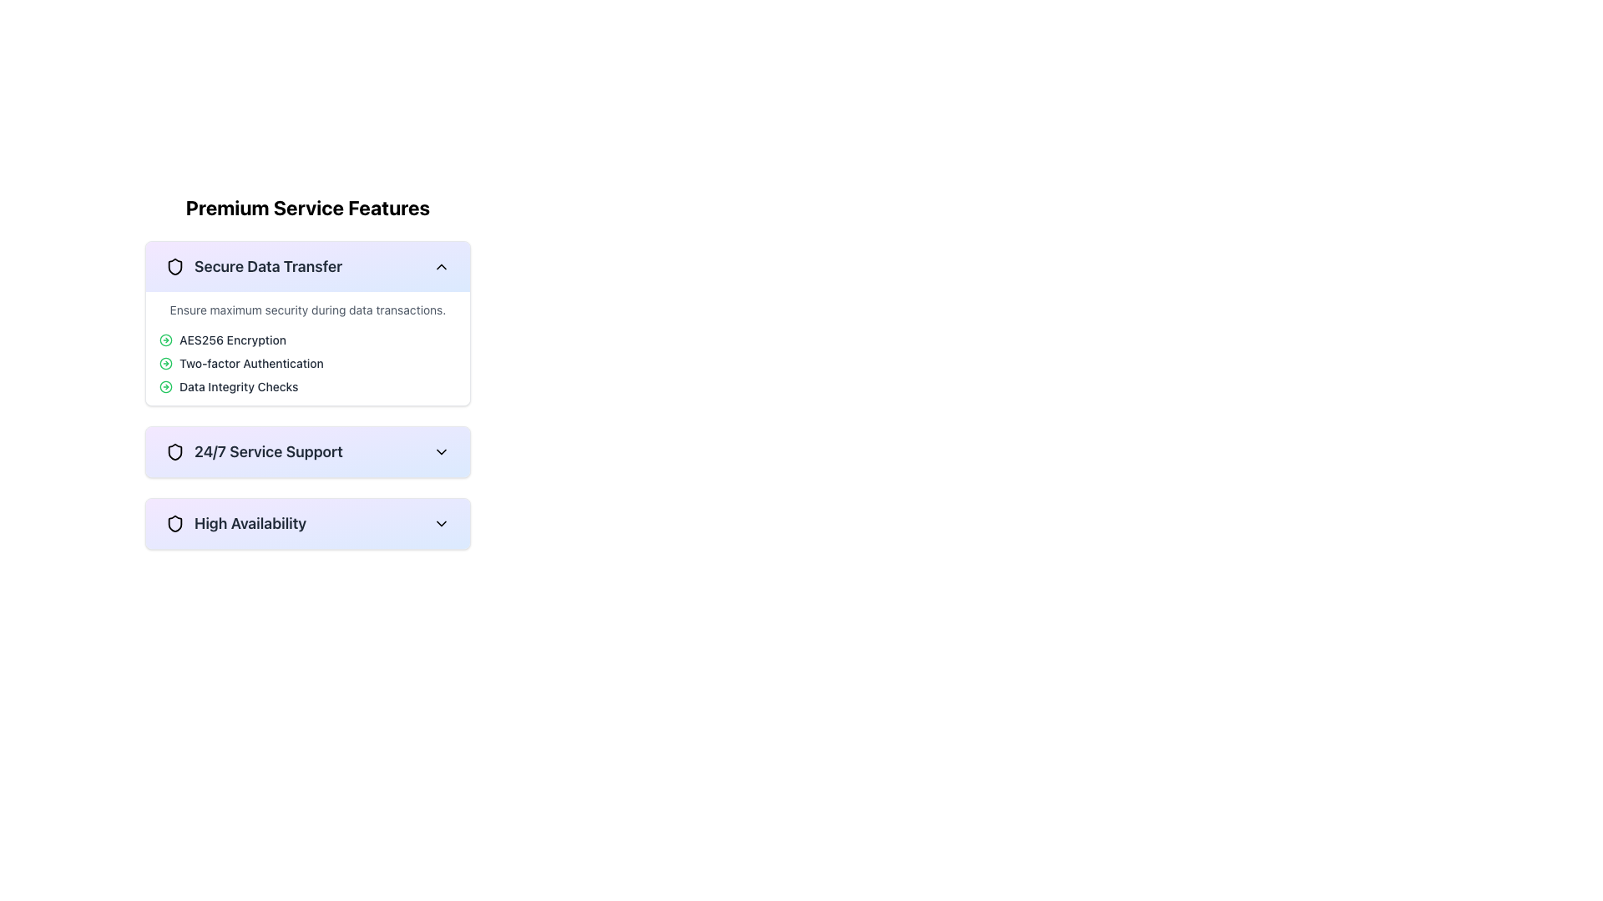  What do you see at coordinates (175, 452) in the screenshot?
I see `the shield icon representing security, which is located to the left of the 'High Availability' label` at bounding box center [175, 452].